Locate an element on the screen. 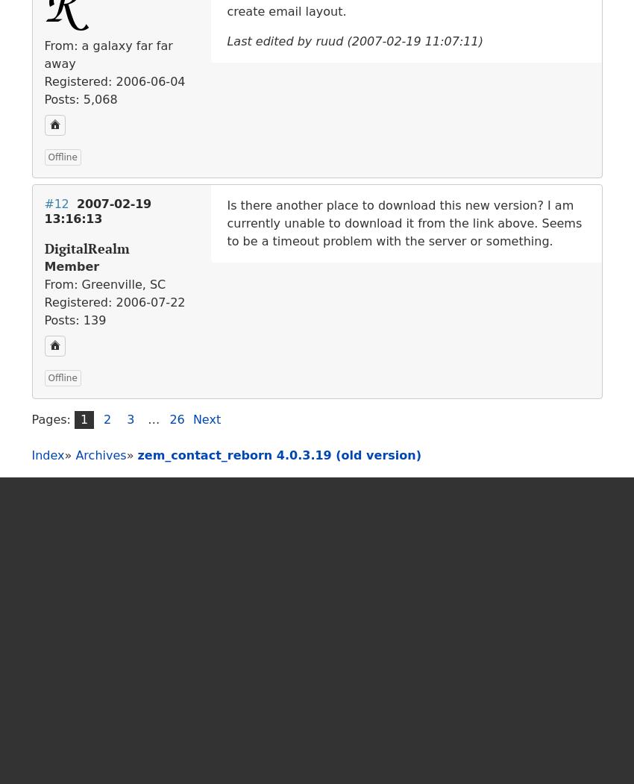 This screenshot has height=784, width=634. 'Next' is located at coordinates (206, 418).